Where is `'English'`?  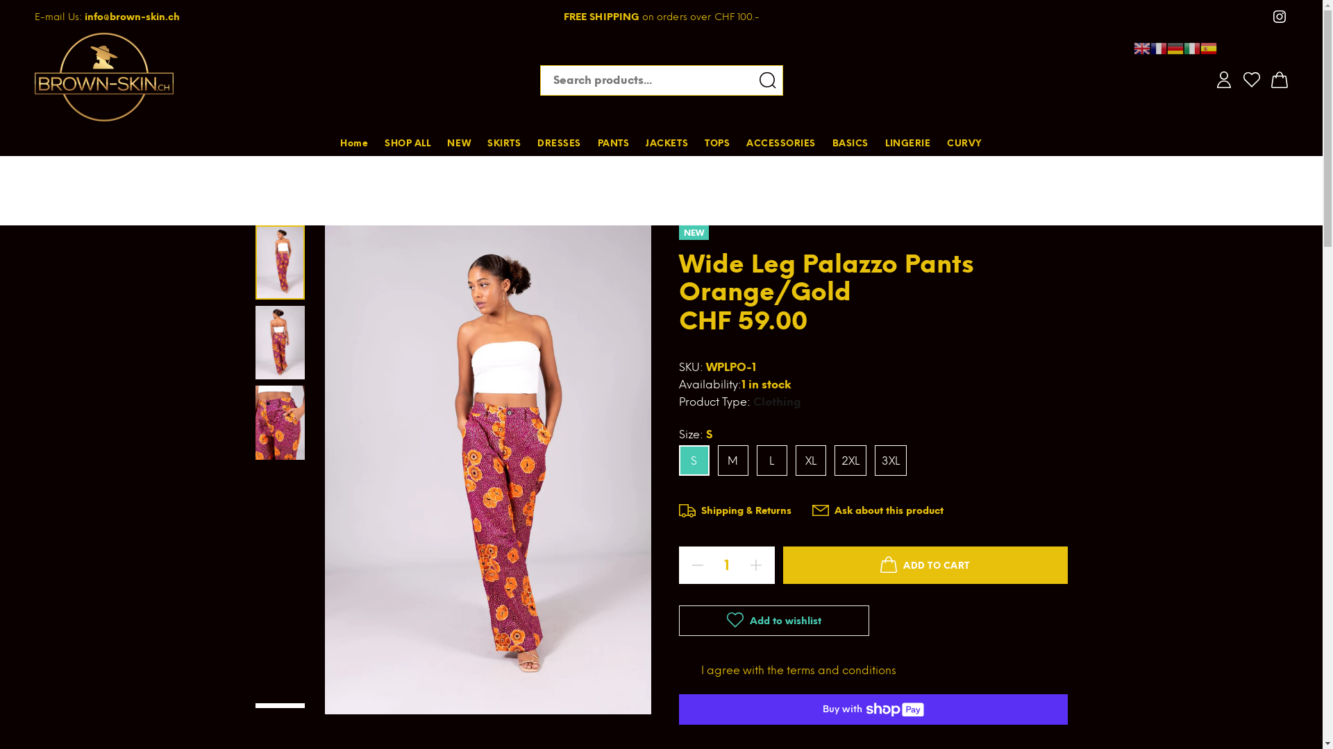 'English' is located at coordinates (1142, 46).